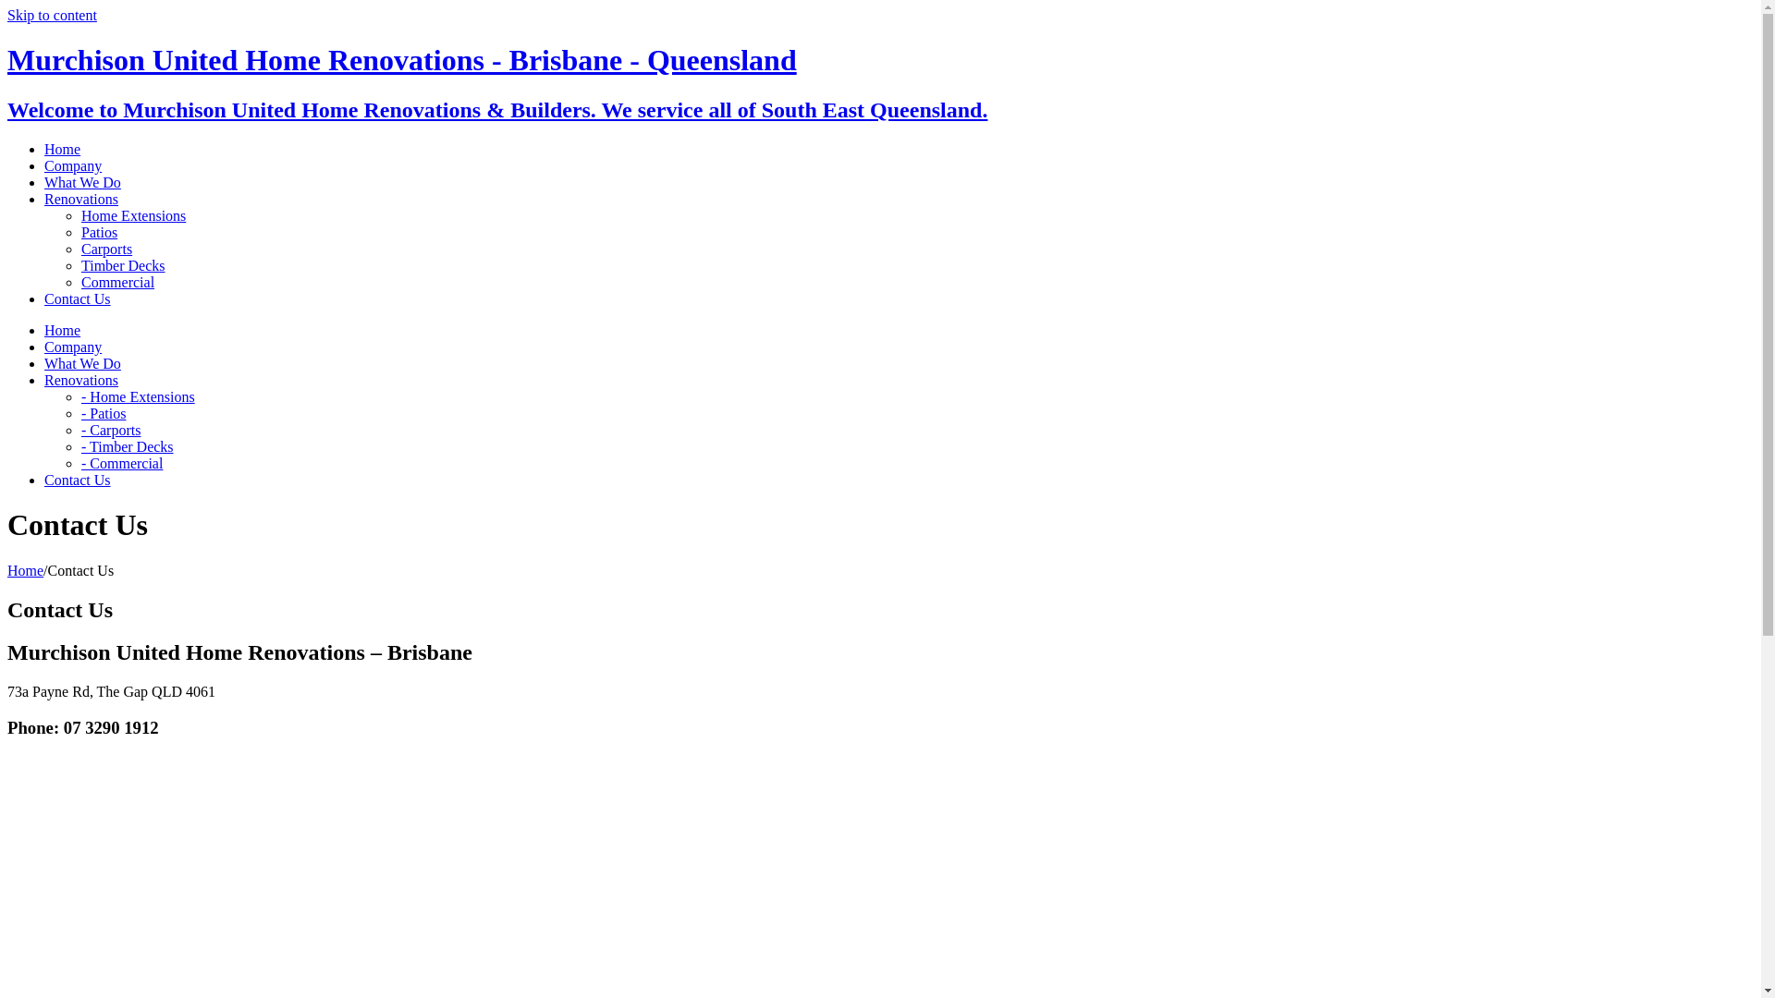 The height and width of the screenshot is (998, 1775). What do you see at coordinates (44, 148) in the screenshot?
I see `'Home'` at bounding box center [44, 148].